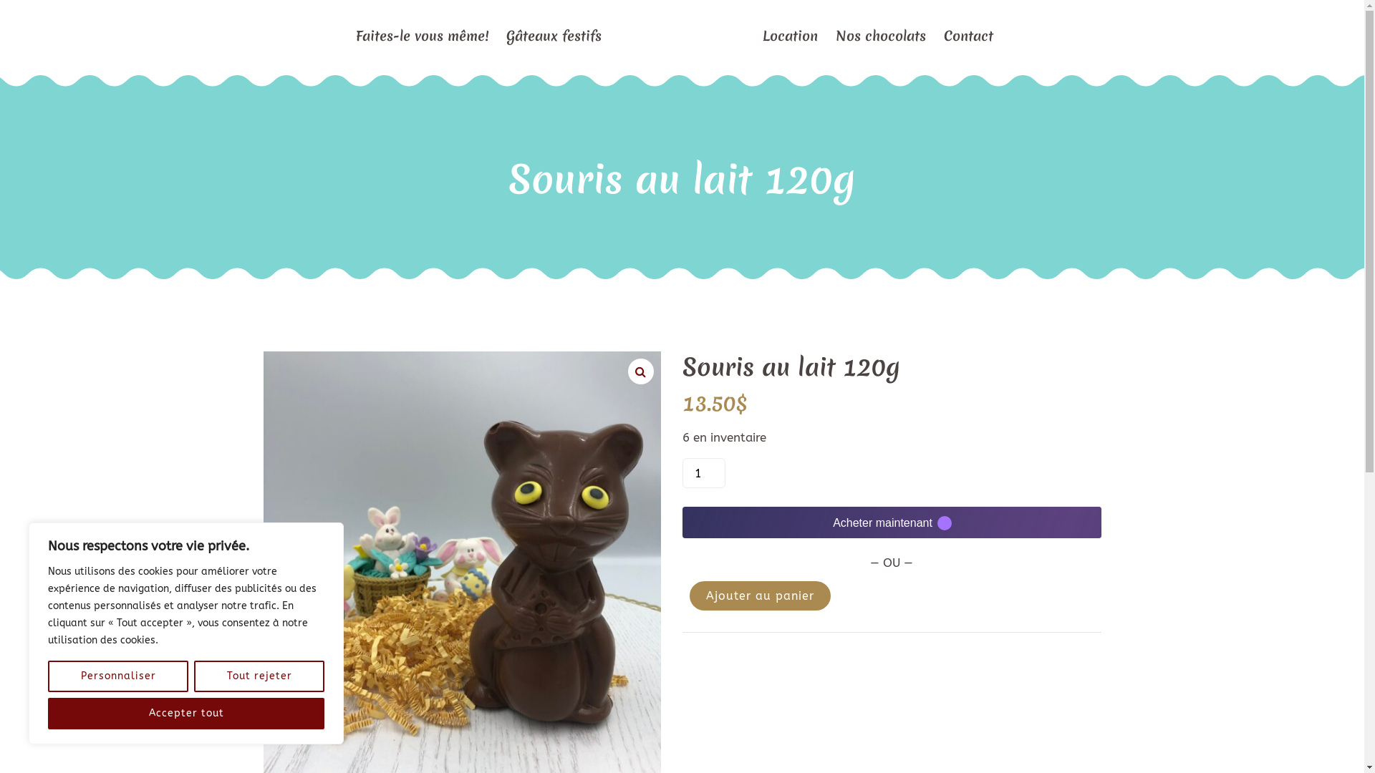 The height and width of the screenshot is (773, 1375). Describe the element at coordinates (259, 676) in the screenshot. I see `'Tout rejeter'` at that location.